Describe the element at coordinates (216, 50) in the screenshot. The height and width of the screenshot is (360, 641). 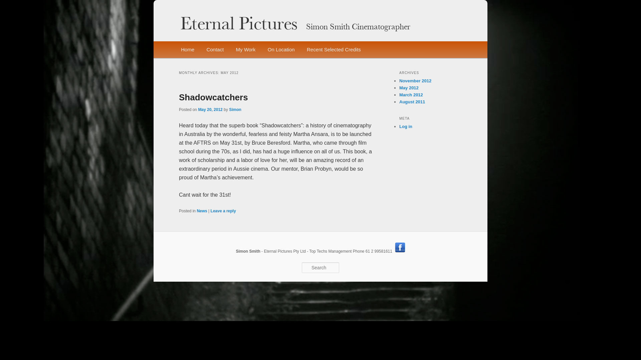
I see `'Skip to secondary content'` at that location.